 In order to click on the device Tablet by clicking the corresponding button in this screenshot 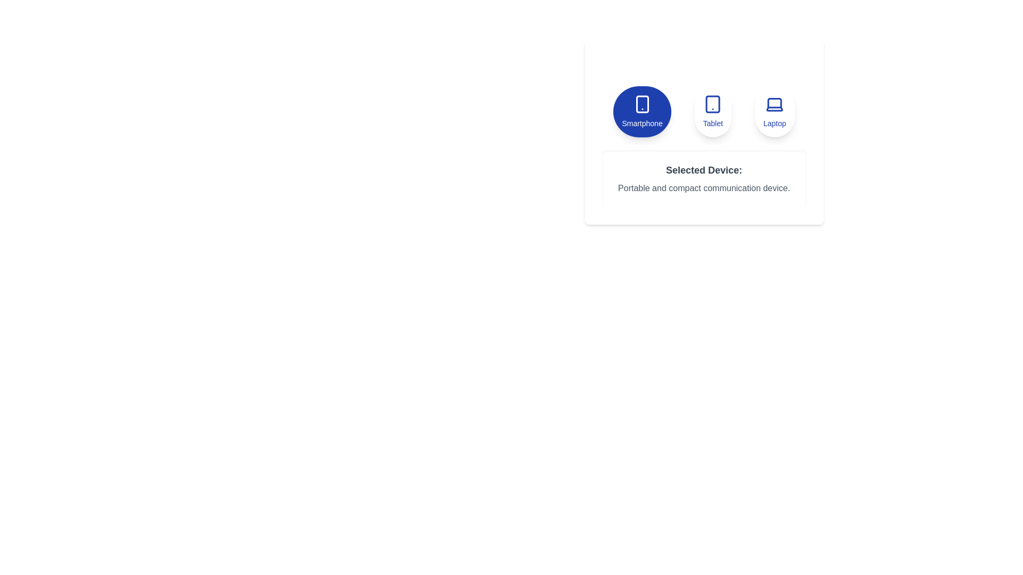, I will do `click(713, 111)`.